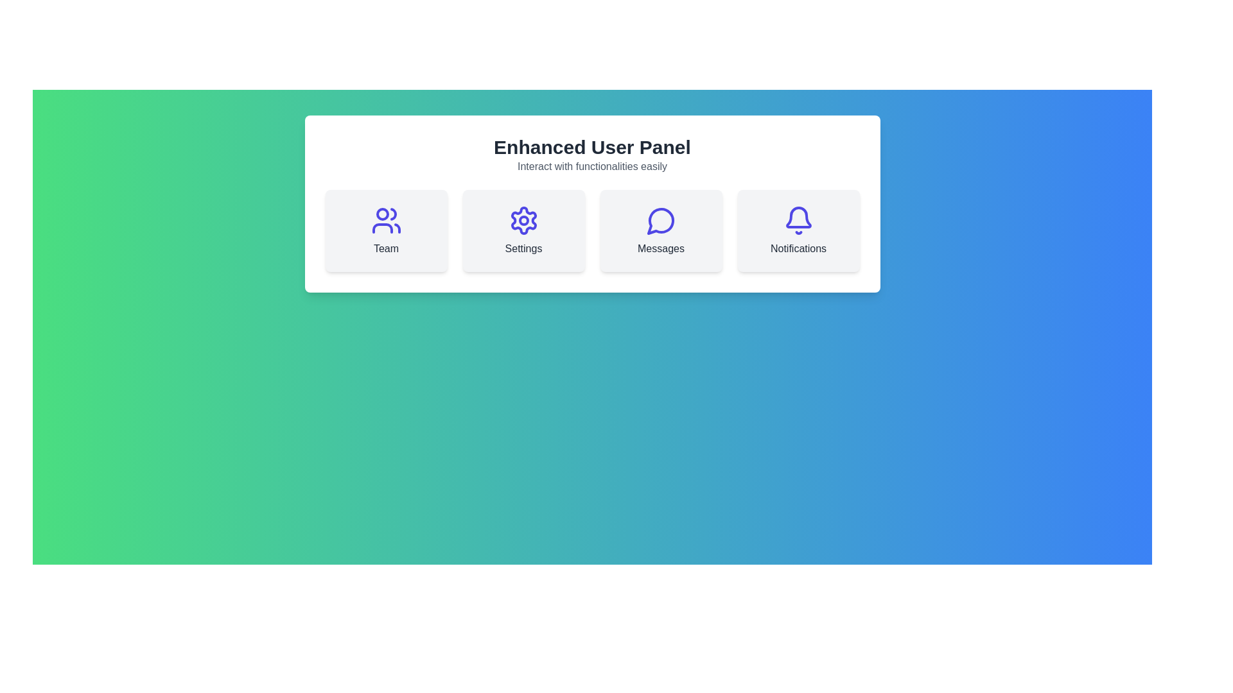 The height and width of the screenshot is (693, 1233). I want to click on the small circle located within the central icon of the Settings card, which is the second card from the left in the main interface and appears as the inner part of a gear icon, so click(523, 219).